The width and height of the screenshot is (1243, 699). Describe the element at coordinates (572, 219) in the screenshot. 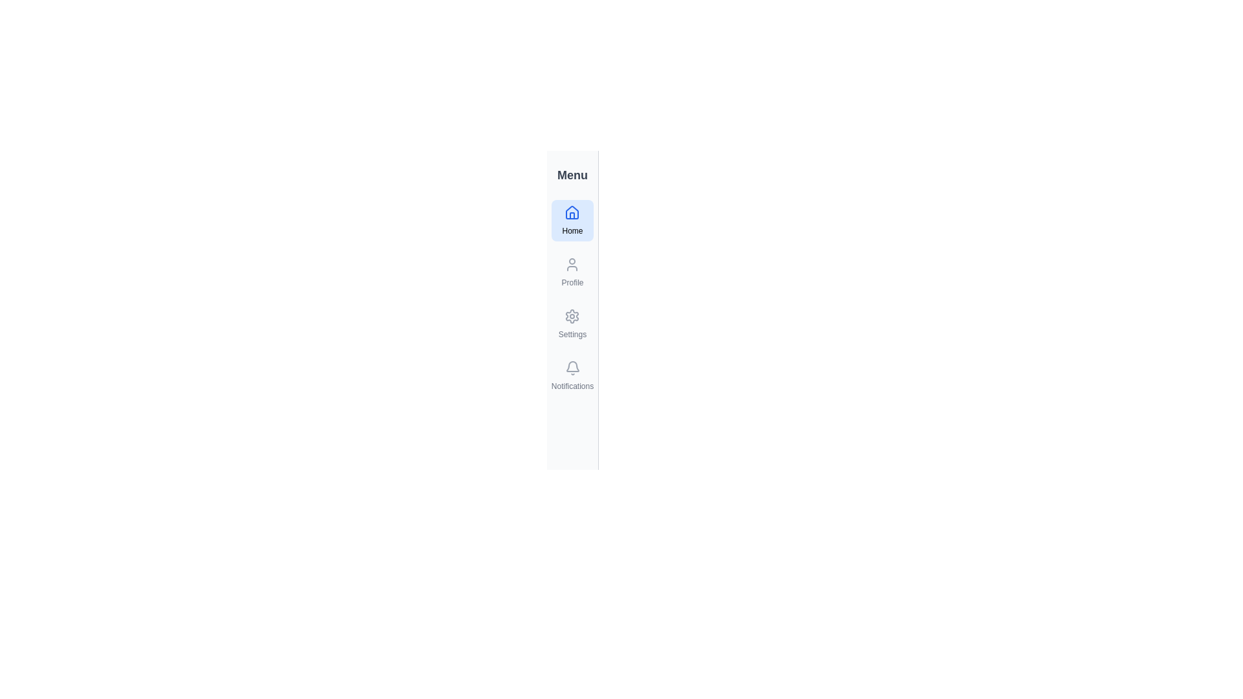

I see `the 'Home' button, which is a light blue rectangular button with a house icon and black text, located at the top of the vertical menu list` at that location.